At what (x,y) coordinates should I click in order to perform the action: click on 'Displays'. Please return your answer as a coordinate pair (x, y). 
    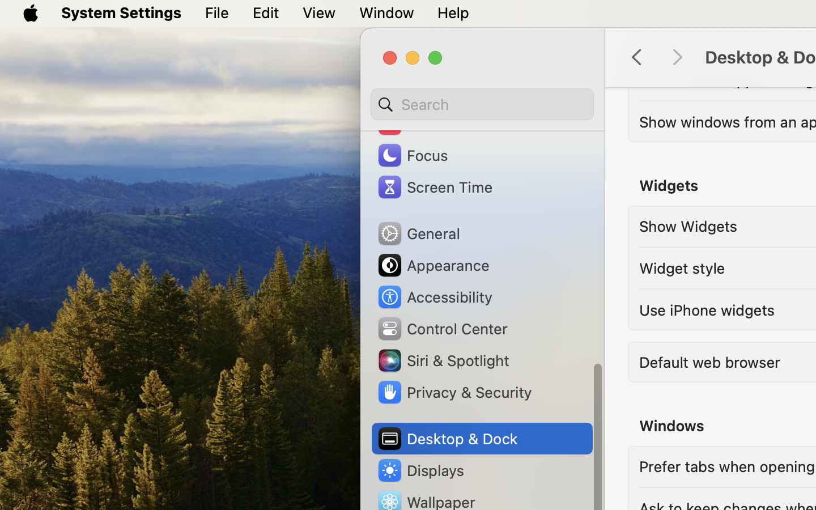
    Looking at the image, I should click on (420, 470).